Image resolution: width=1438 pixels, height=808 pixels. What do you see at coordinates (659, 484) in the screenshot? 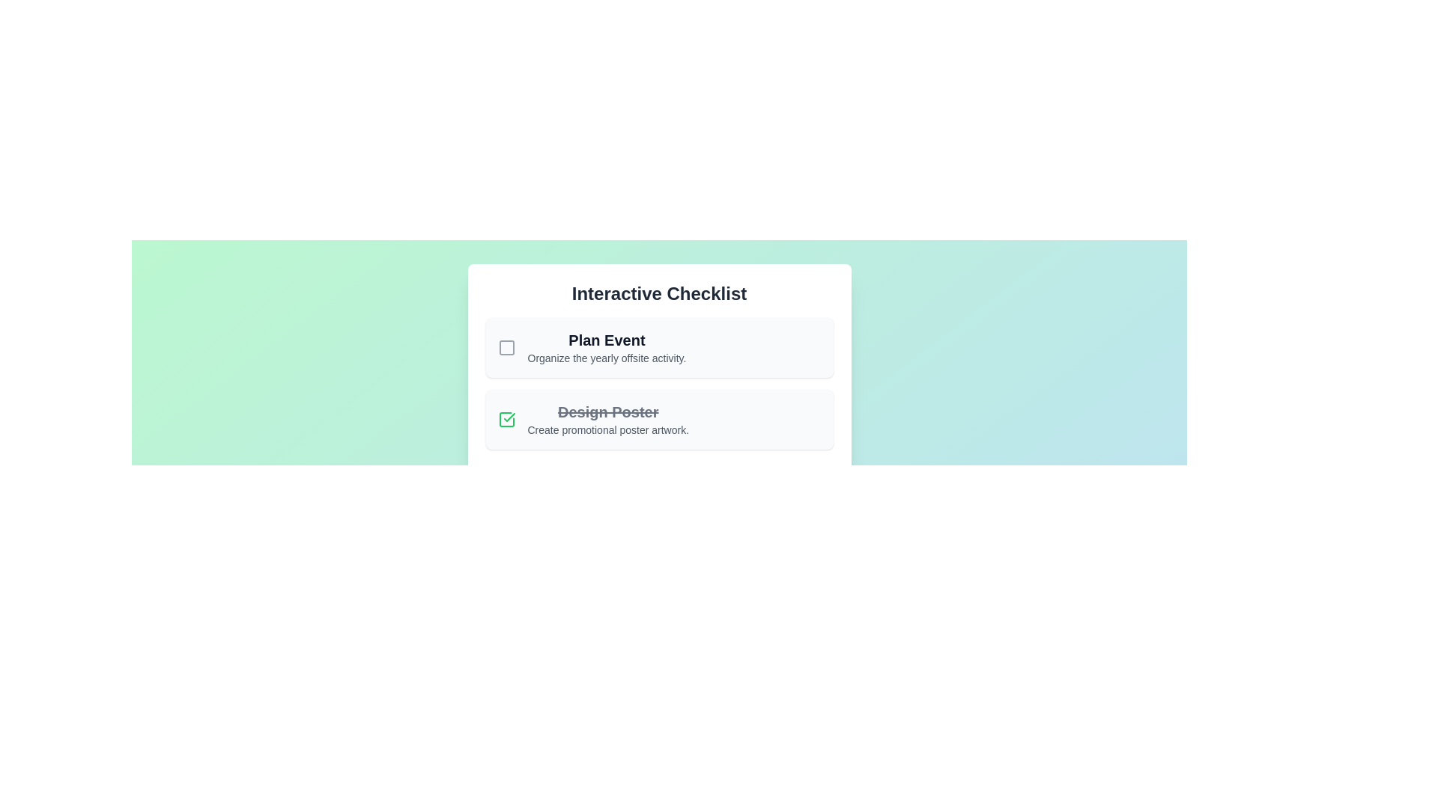
I see `the 'Add New Task' button to add a new task to the checklist` at bounding box center [659, 484].